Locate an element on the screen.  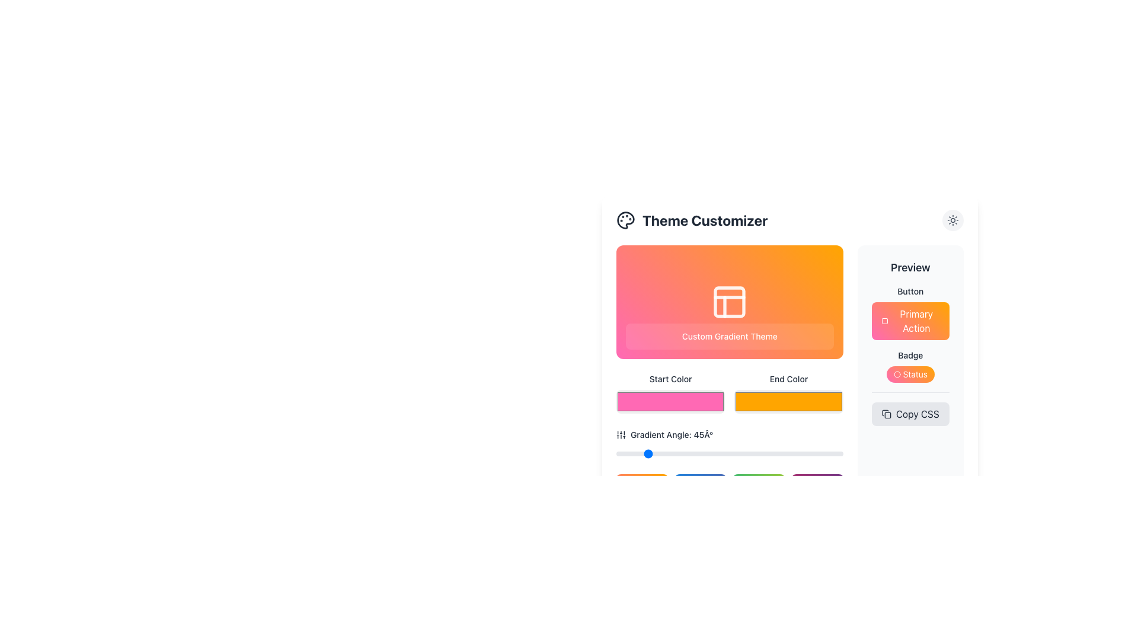
the gradient angle is located at coordinates (724, 453).